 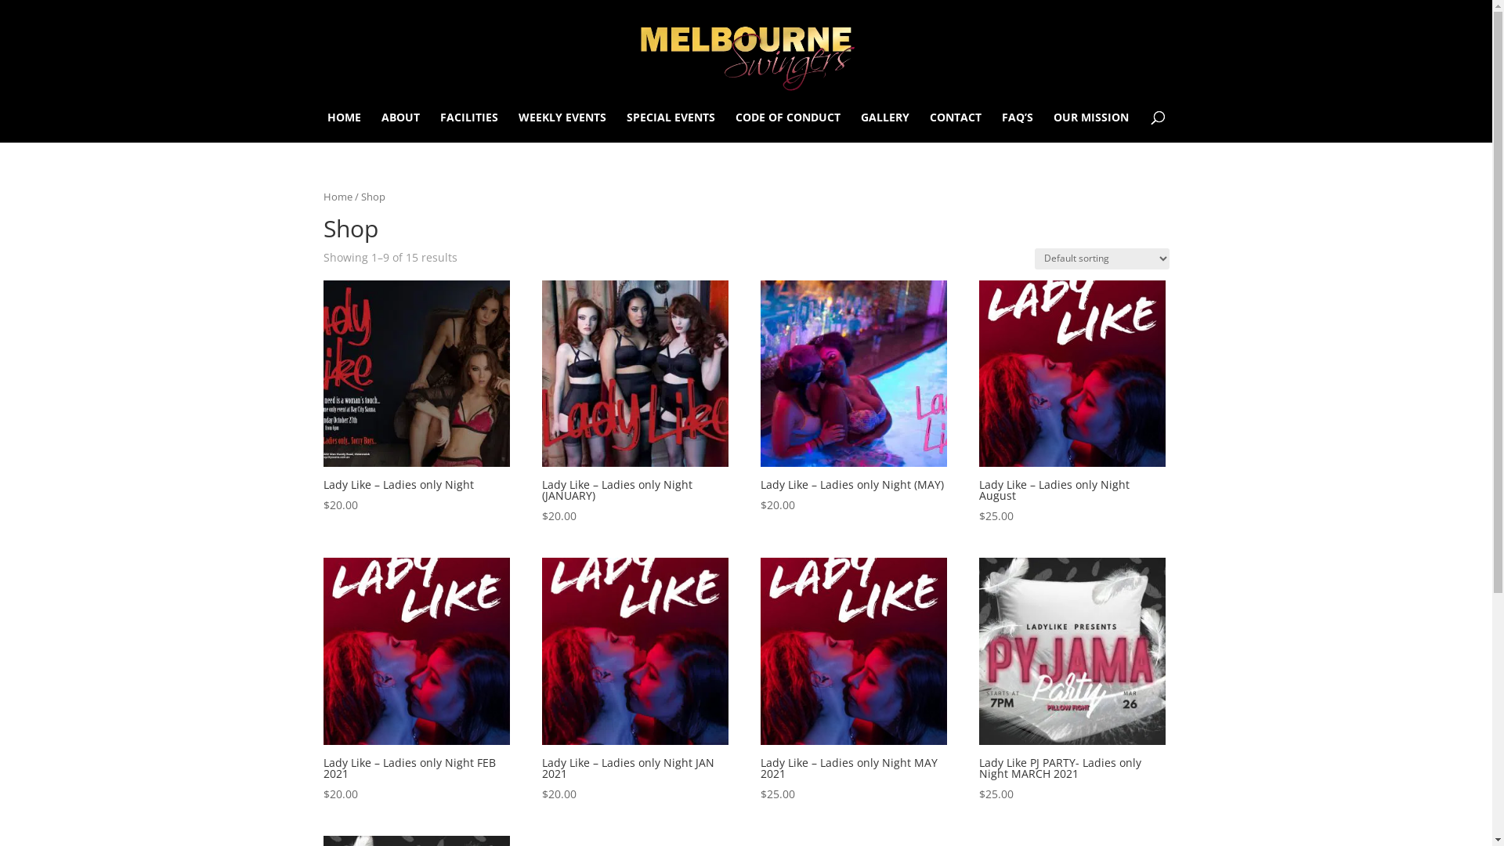 What do you see at coordinates (1090, 126) in the screenshot?
I see `'OUR MISSION'` at bounding box center [1090, 126].